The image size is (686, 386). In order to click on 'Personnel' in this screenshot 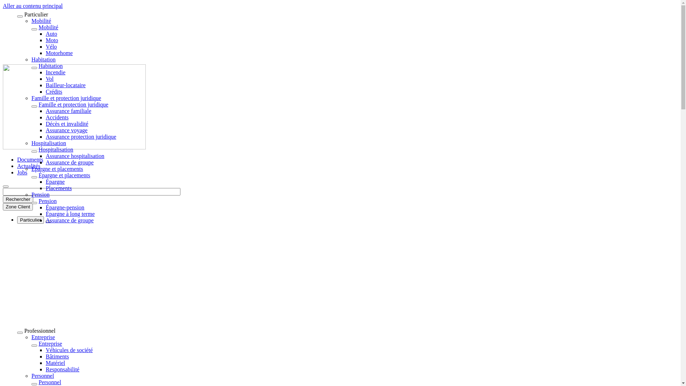, I will do `click(49, 382)`.